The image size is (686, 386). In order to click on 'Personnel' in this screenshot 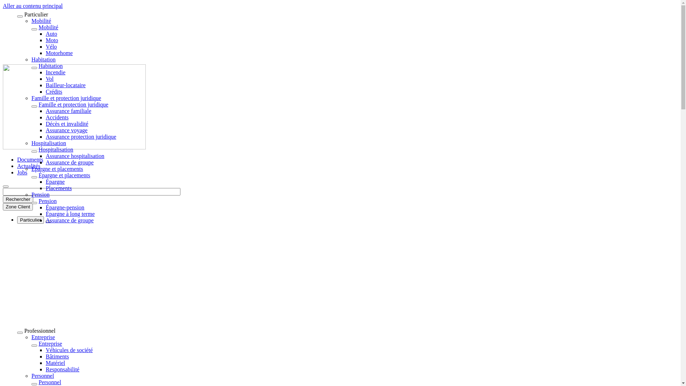, I will do `click(49, 382)`.